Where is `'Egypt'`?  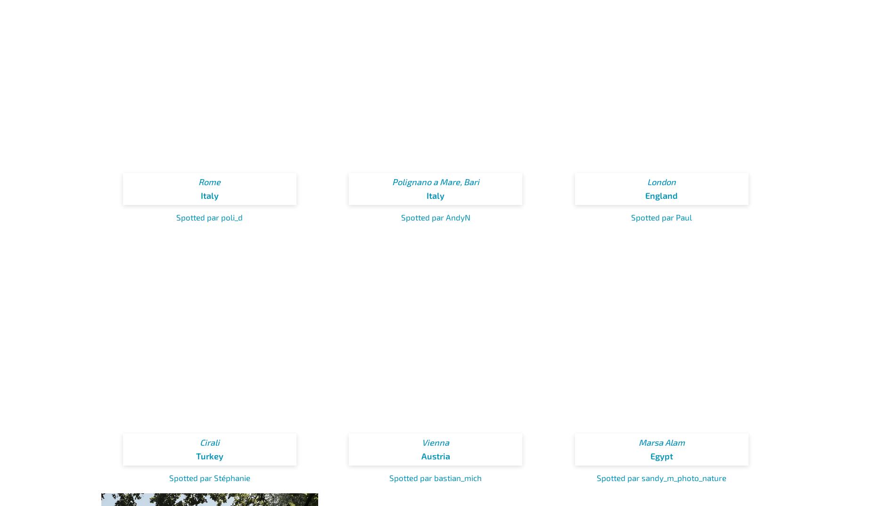
'Egypt' is located at coordinates (661, 455).